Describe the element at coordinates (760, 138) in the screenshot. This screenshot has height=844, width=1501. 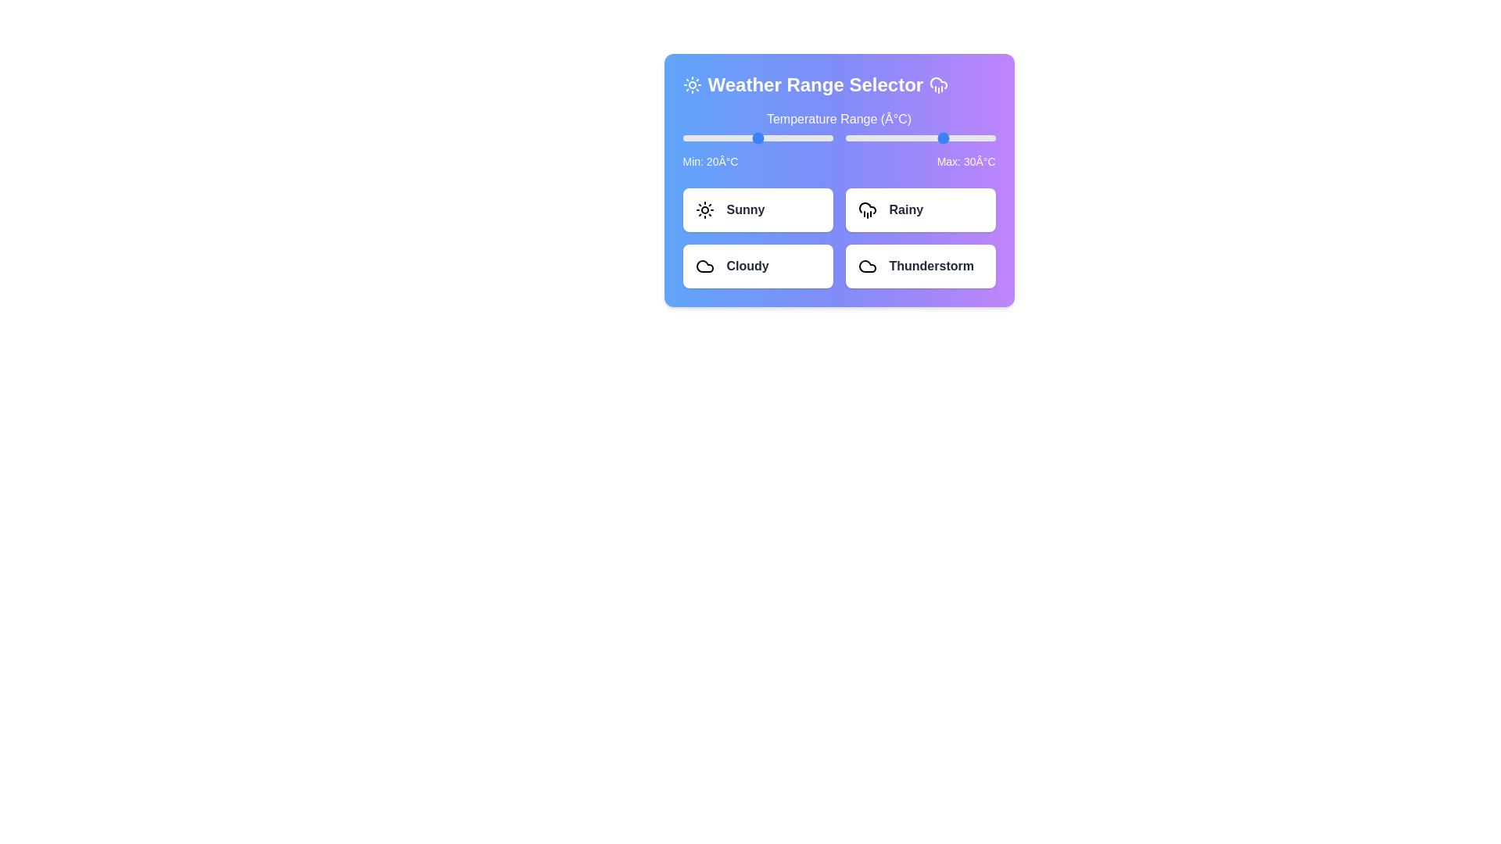
I see `the minimum temperature range slider to 21°C` at that location.